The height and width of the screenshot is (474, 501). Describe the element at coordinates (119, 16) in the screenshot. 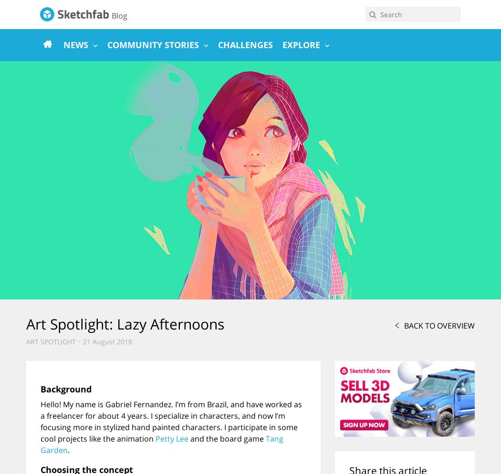

I see `'Blog'` at that location.